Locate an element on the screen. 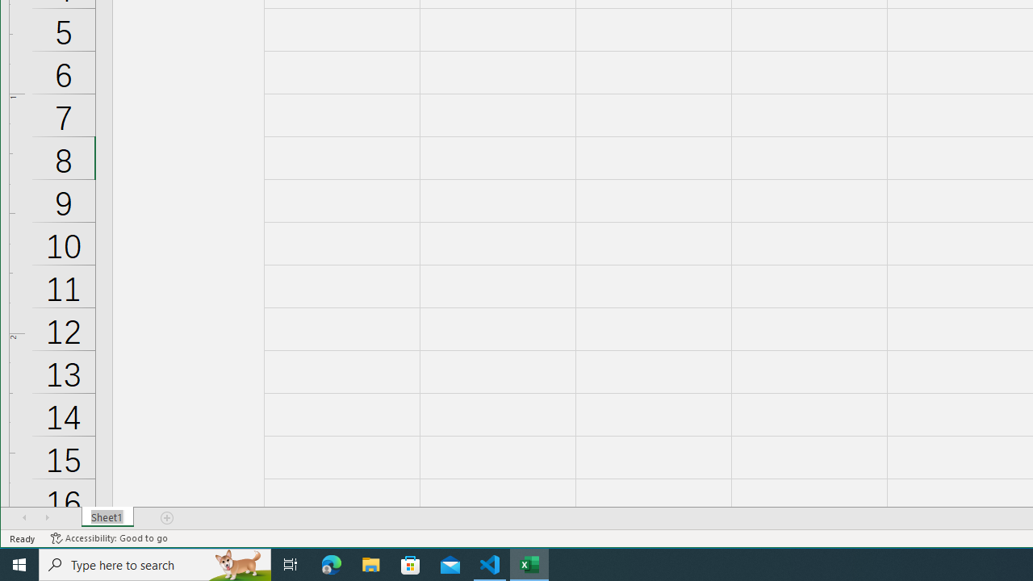 The width and height of the screenshot is (1033, 581). 'Sheet1' is located at coordinates (107, 517).